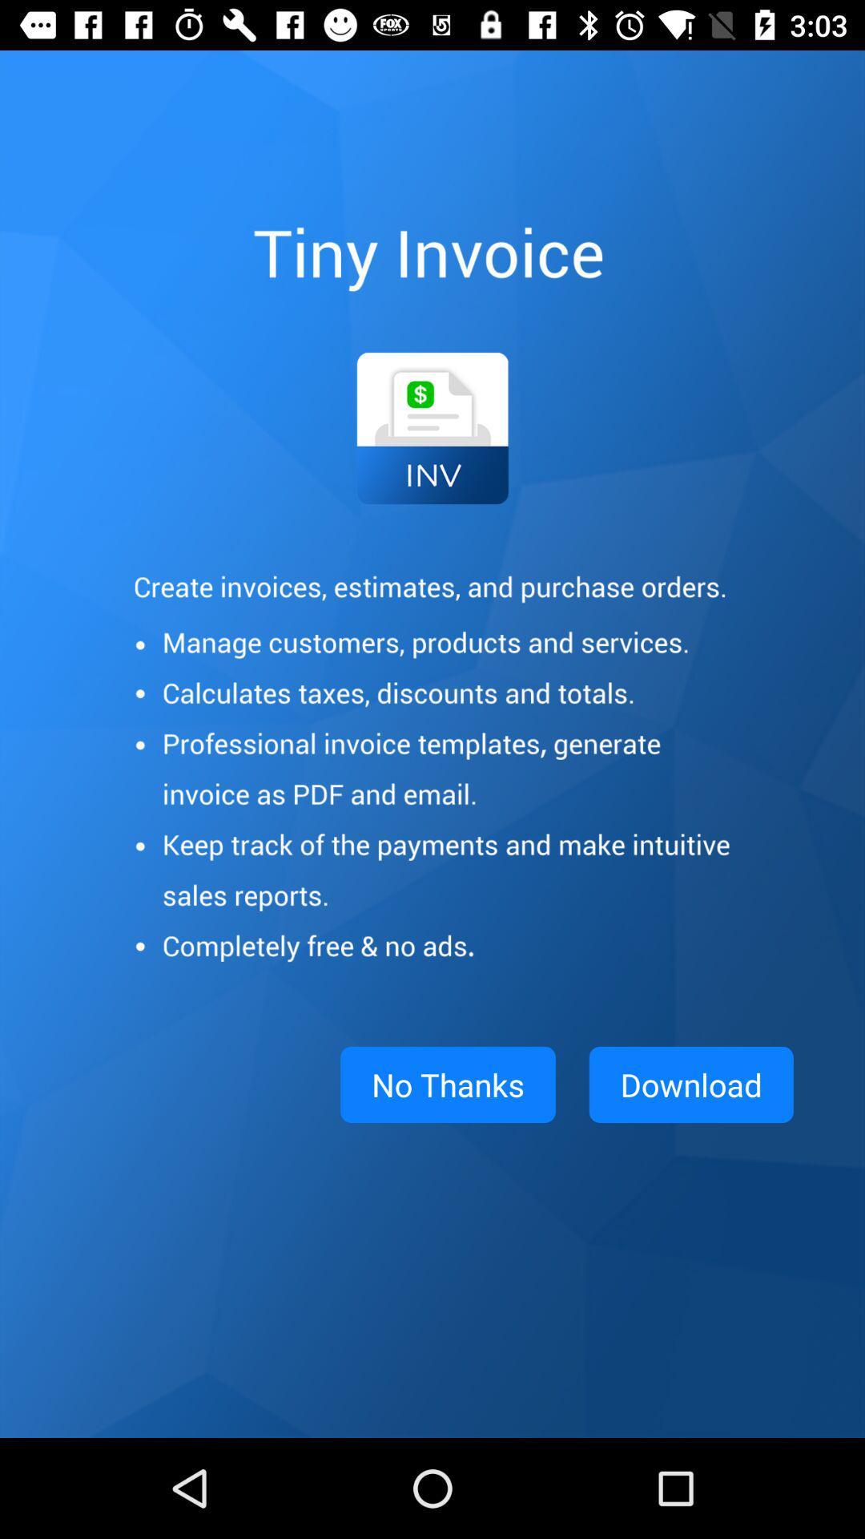 This screenshot has height=1539, width=865. Describe the element at coordinates (690, 1085) in the screenshot. I see `the download` at that location.